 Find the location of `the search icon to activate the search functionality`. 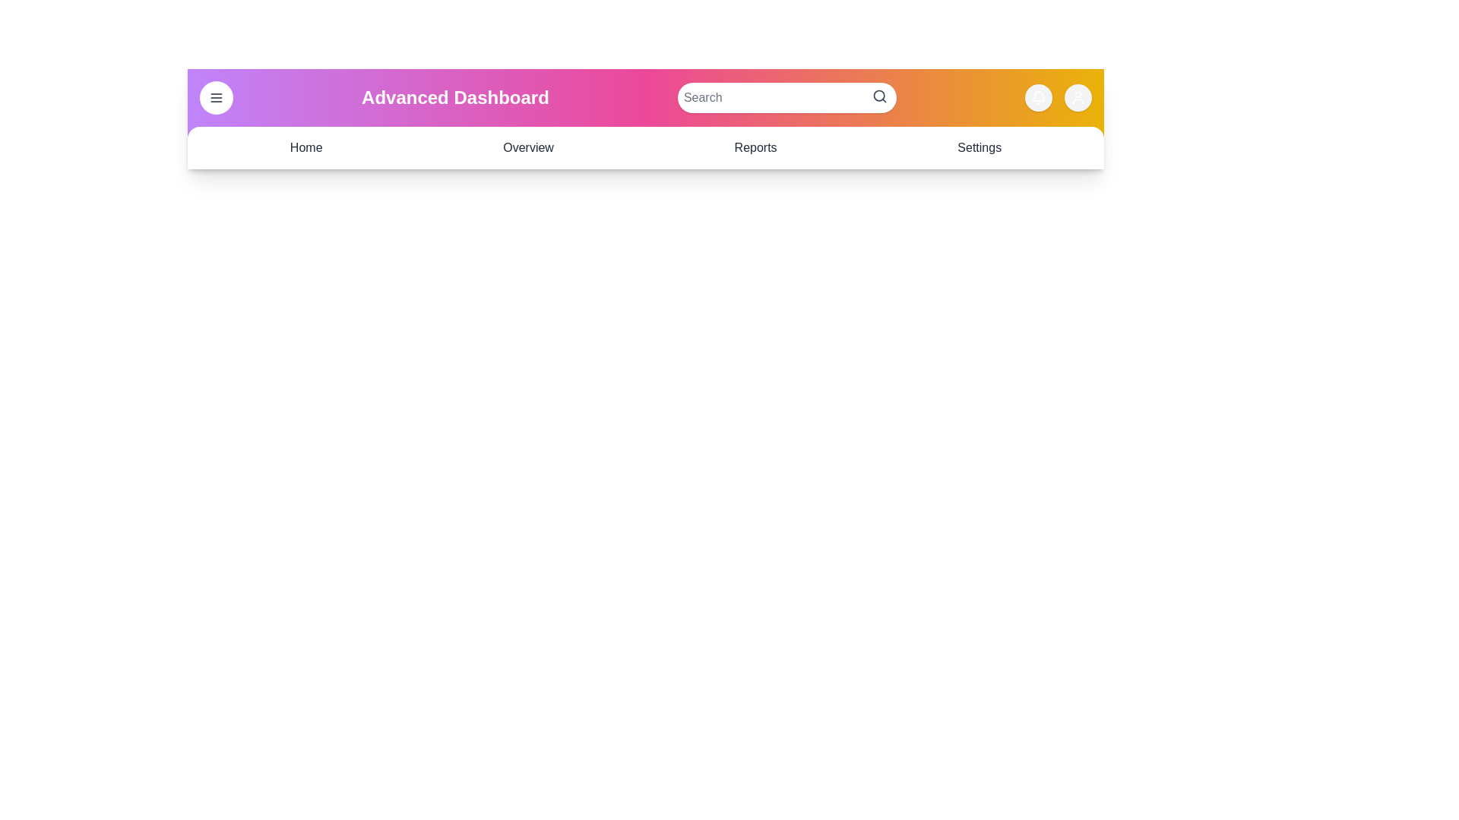

the search icon to activate the search functionality is located at coordinates (879, 96).